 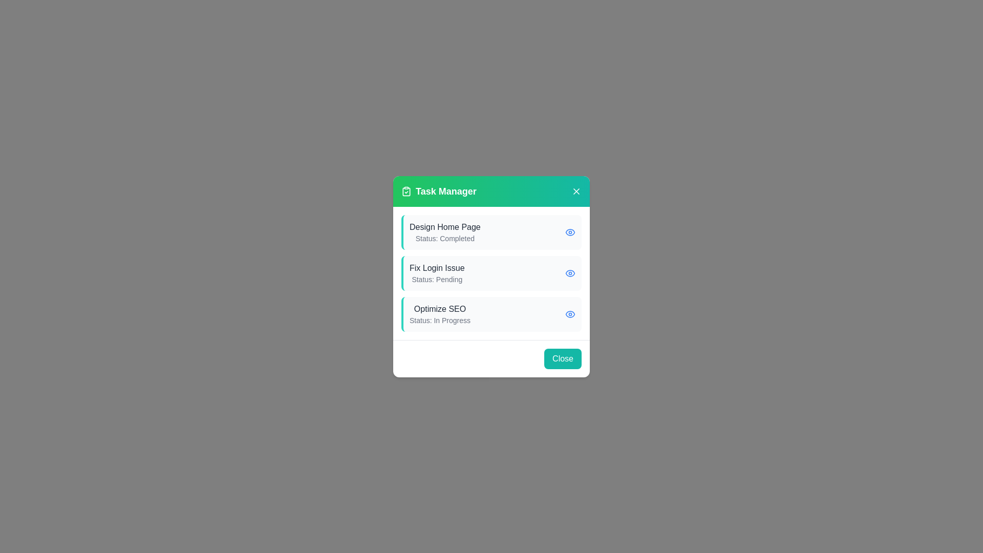 I want to click on the text-based heading with an accompanying icon located at the top-left corner of the green header bar in the task management modal window, so click(x=439, y=191).